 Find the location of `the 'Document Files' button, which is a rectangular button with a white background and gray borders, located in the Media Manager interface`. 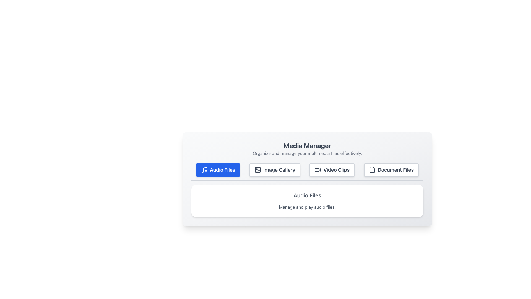

the 'Document Files' button, which is a rectangular button with a white background and gray borders, located in the Media Manager interface is located at coordinates (391, 169).